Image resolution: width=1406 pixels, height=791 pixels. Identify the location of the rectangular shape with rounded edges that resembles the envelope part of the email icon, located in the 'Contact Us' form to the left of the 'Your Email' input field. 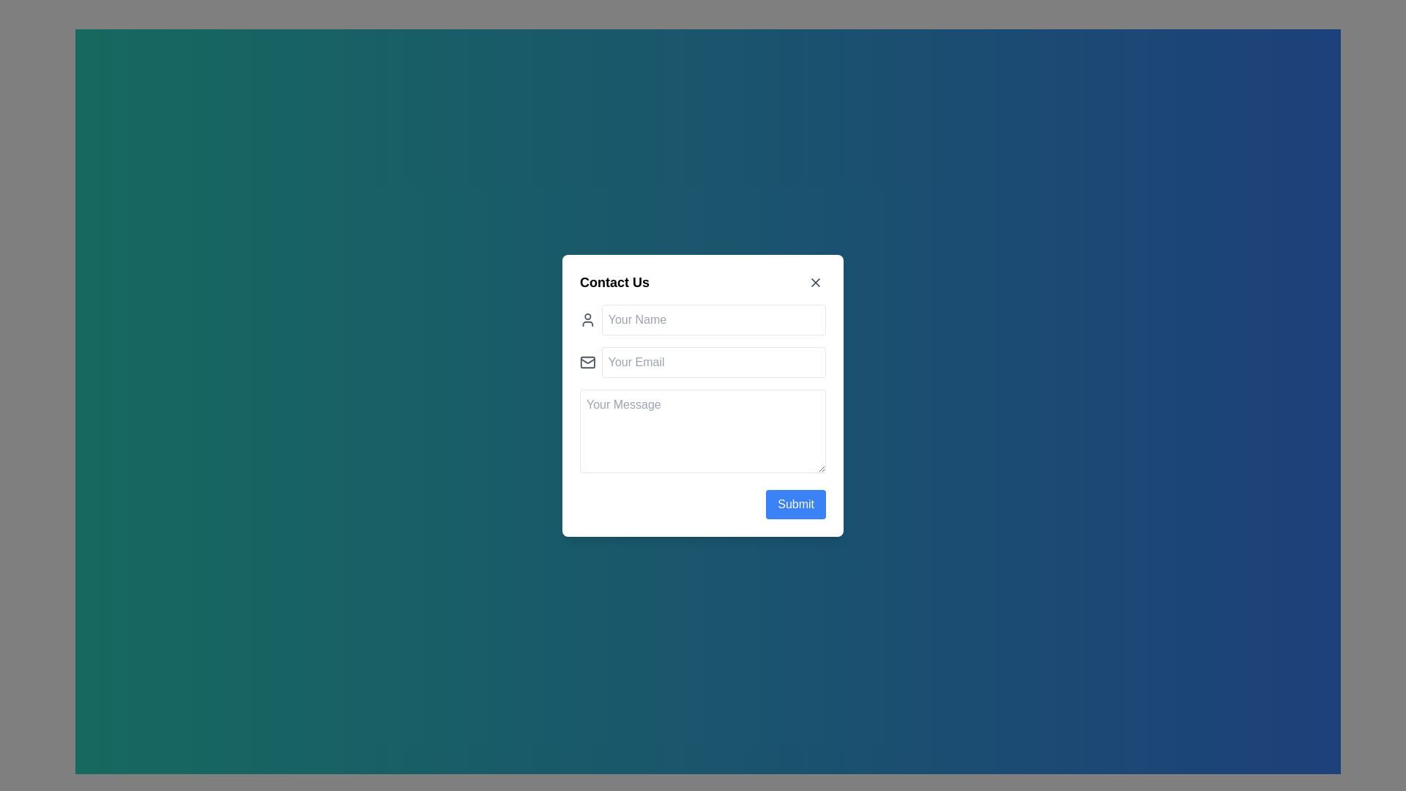
(587, 362).